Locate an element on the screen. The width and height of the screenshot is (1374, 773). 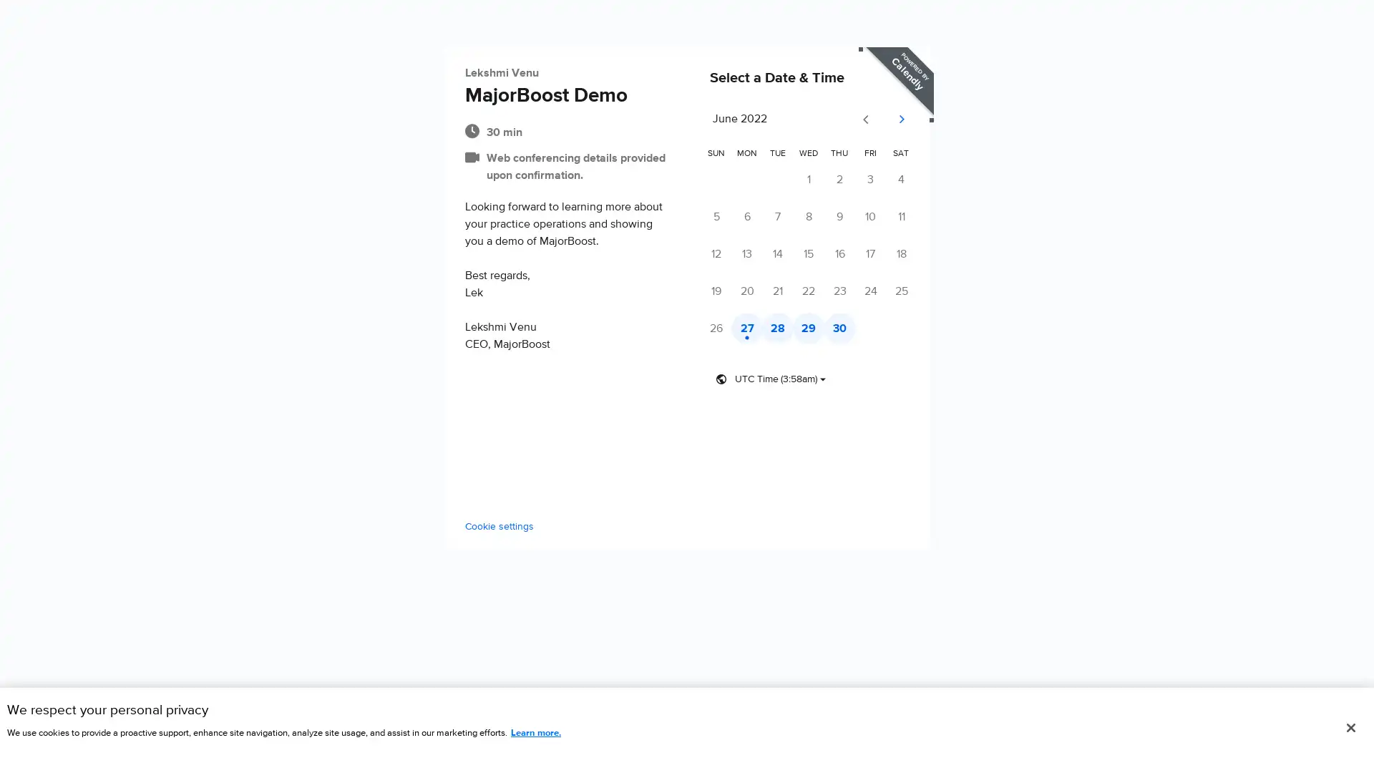
Tuesday, June 7 - No times available is located at coordinates (791, 218).